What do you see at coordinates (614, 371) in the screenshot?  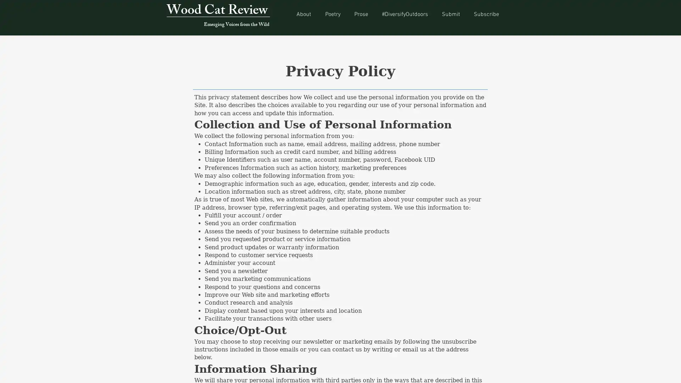 I see `Settings` at bounding box center [614, 371].